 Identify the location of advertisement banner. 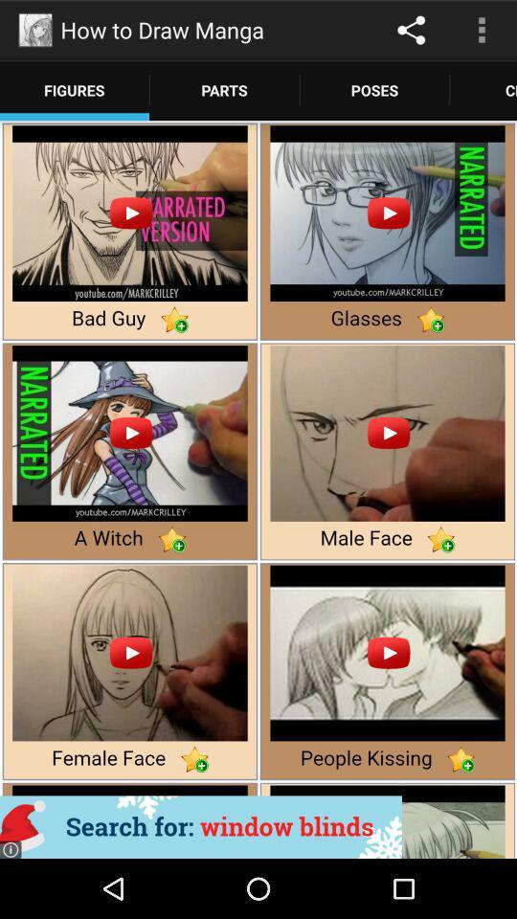
(200, 826).